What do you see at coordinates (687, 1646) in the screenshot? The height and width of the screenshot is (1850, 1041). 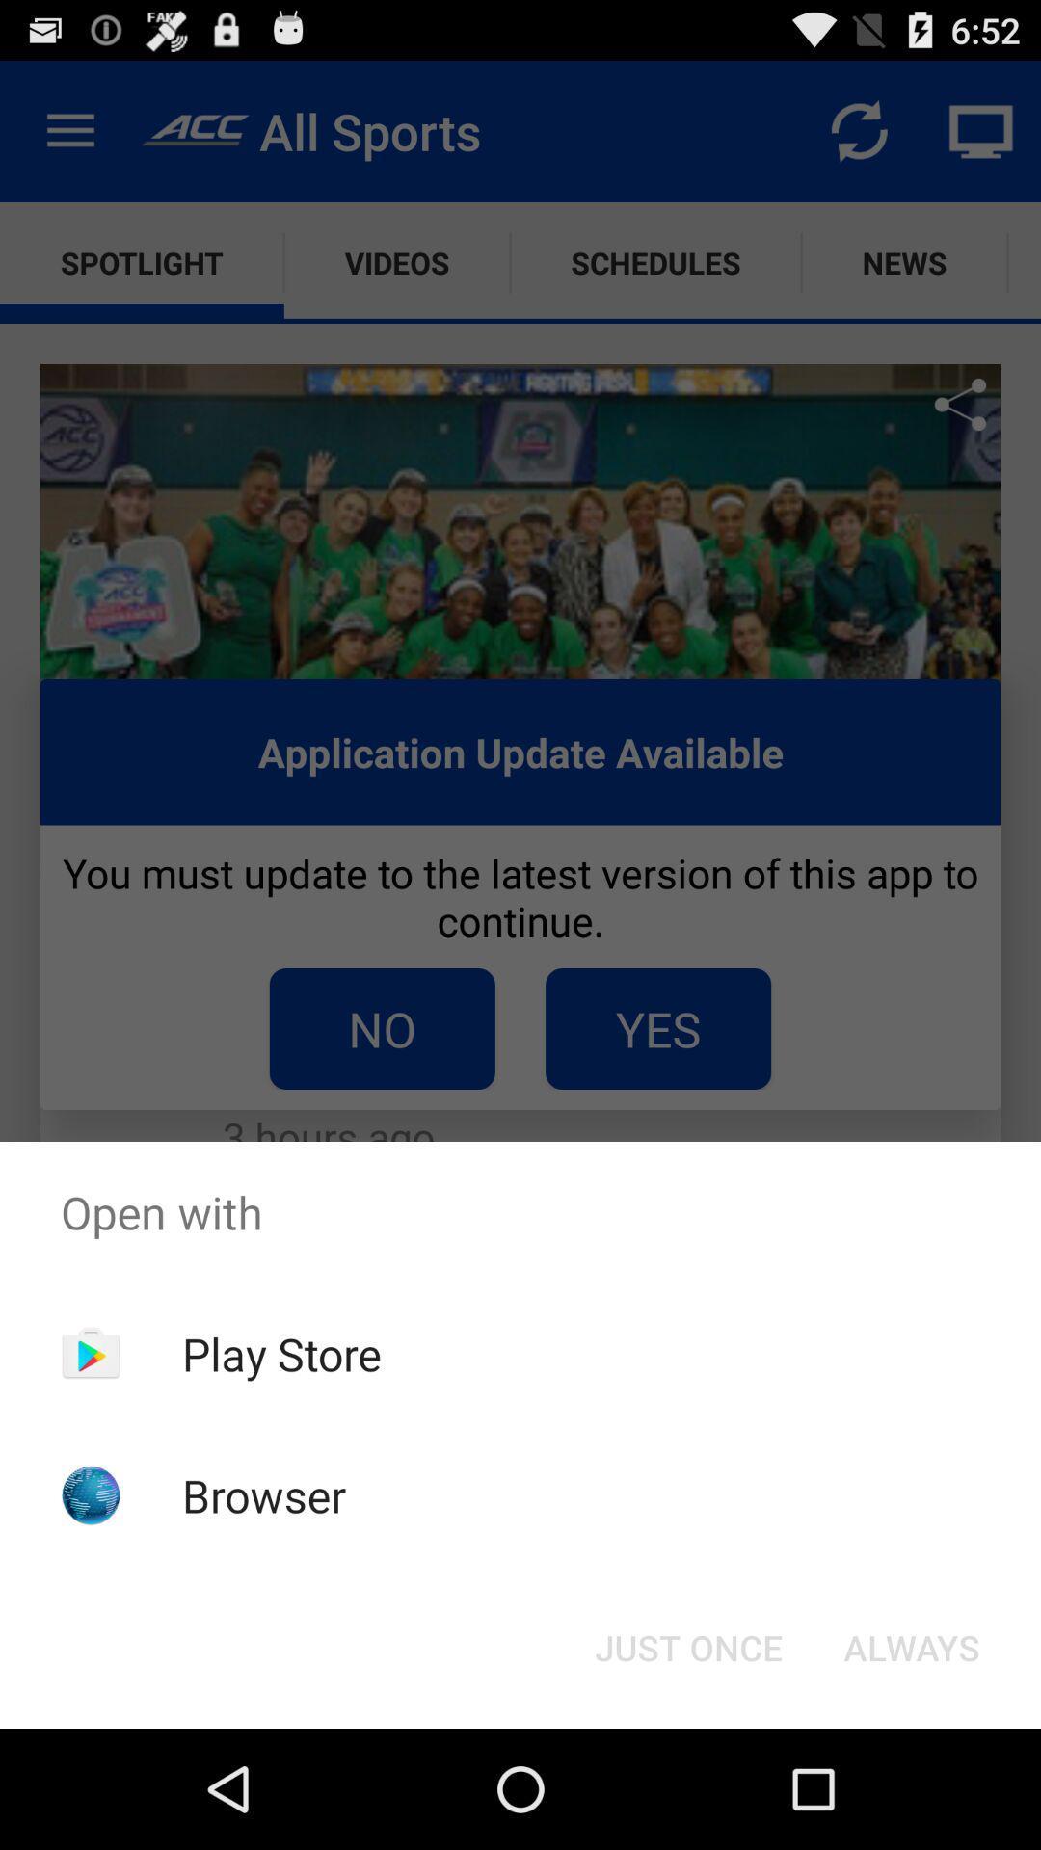 I see `the item below open with app` at bounding box center [687, 1646].